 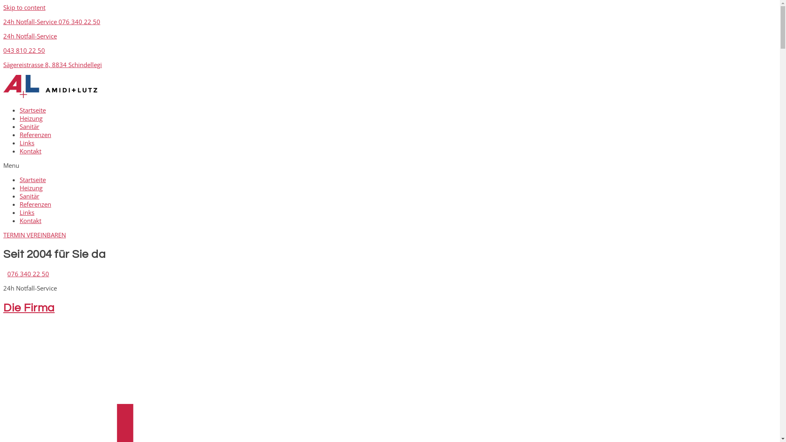 I want to click on 'Referenzen', so click(x=35, y=134).